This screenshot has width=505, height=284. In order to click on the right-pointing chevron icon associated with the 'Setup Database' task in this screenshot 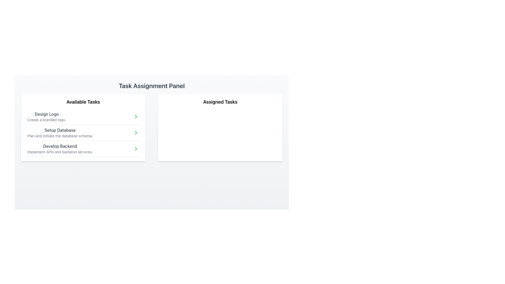, I will do `click(136, 116)`.